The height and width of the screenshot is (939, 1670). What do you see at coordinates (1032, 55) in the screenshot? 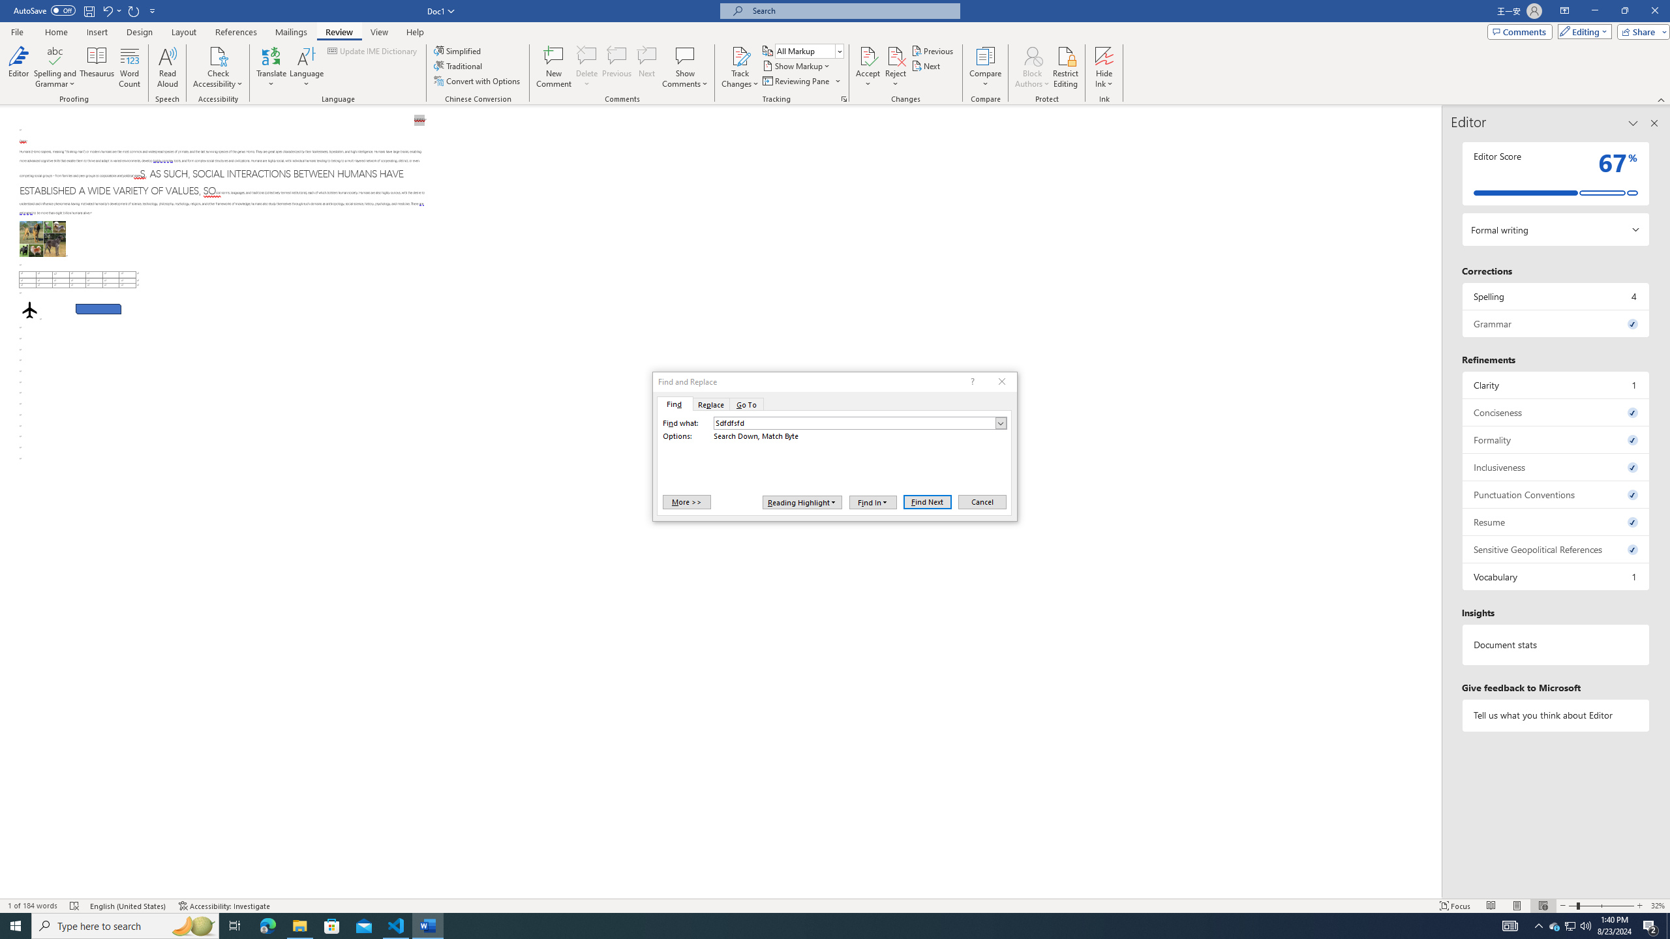
I see `'Block Authors'` at bounding box center [1032, 55].